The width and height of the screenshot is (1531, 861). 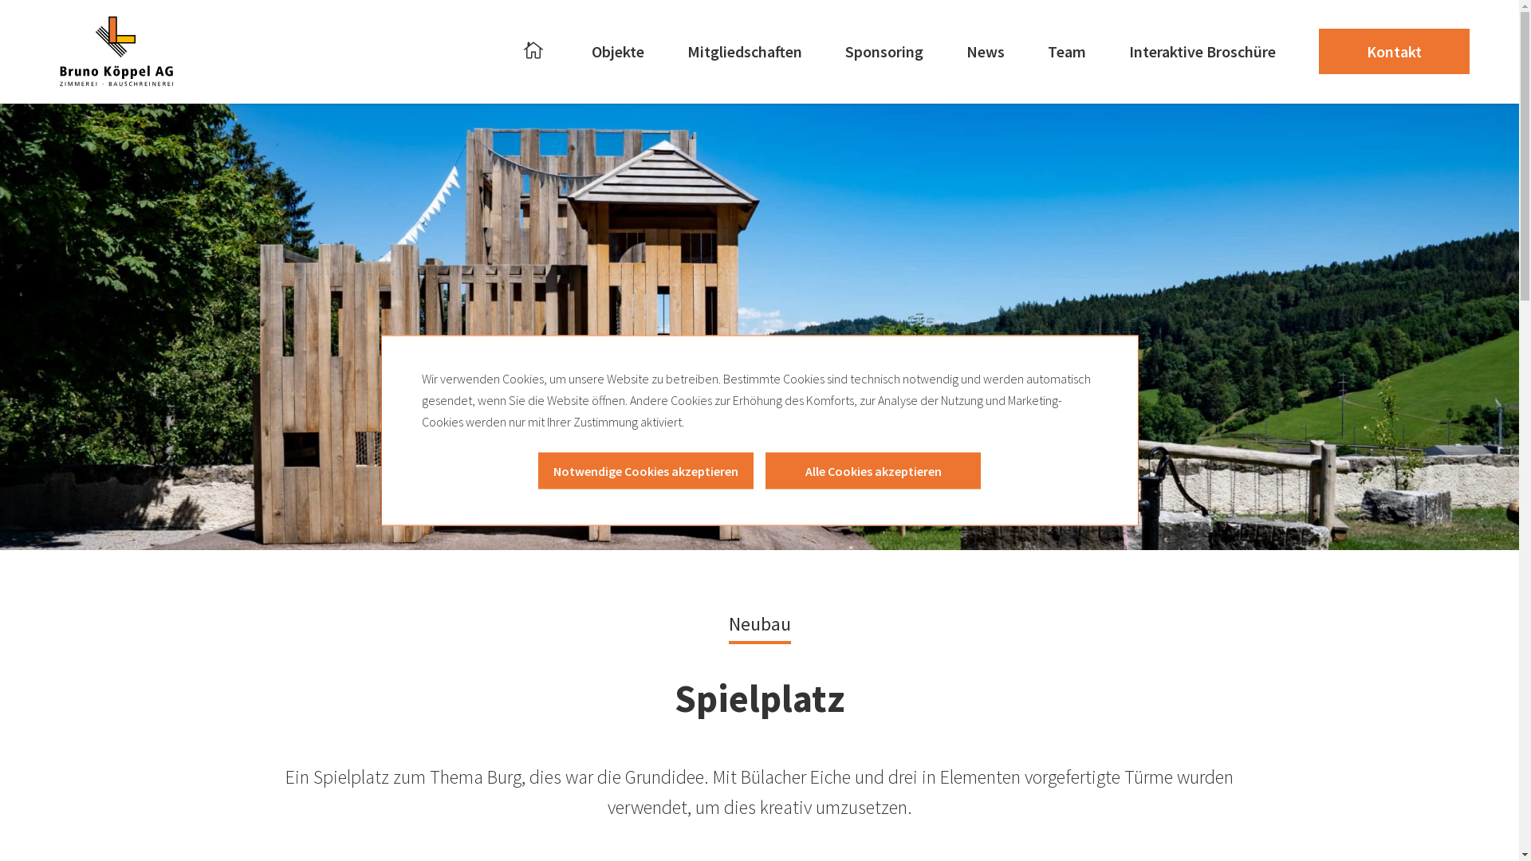 What do you see at coordinates (744, 51) in the screenshot?
I see `'Mitgliedschaften'` at bounding box center [744, 51].